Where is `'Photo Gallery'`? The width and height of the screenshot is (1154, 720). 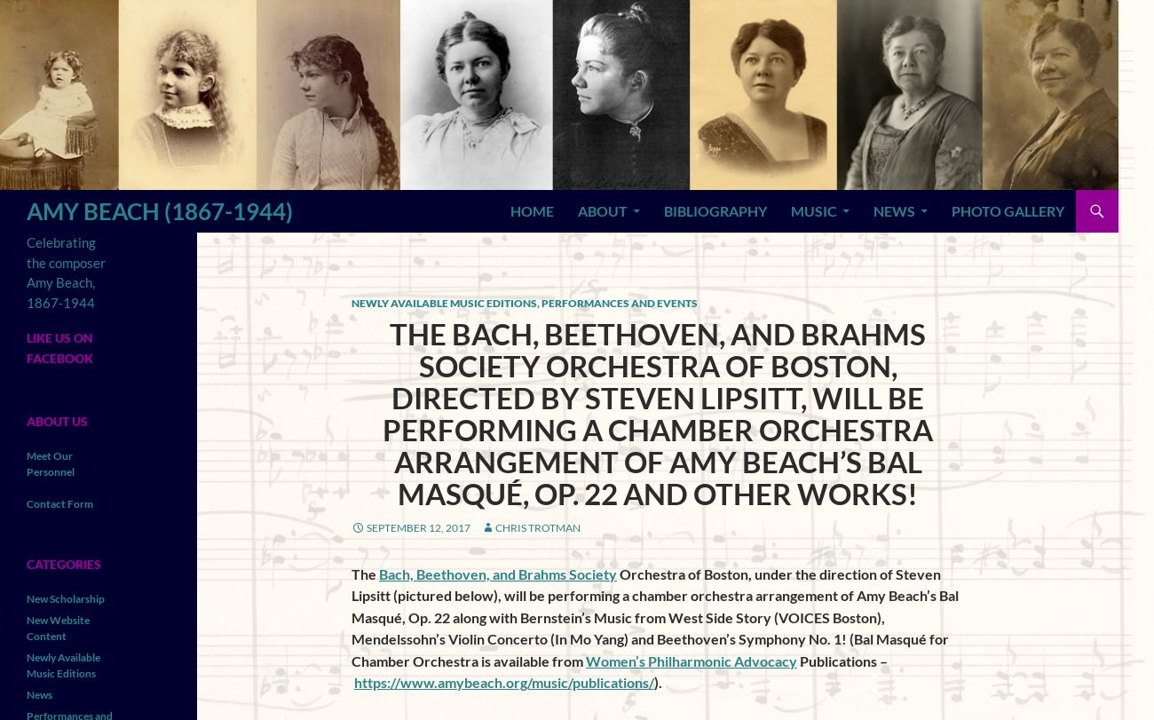
'Photo Gallery' is located at coordinates (951, 210).